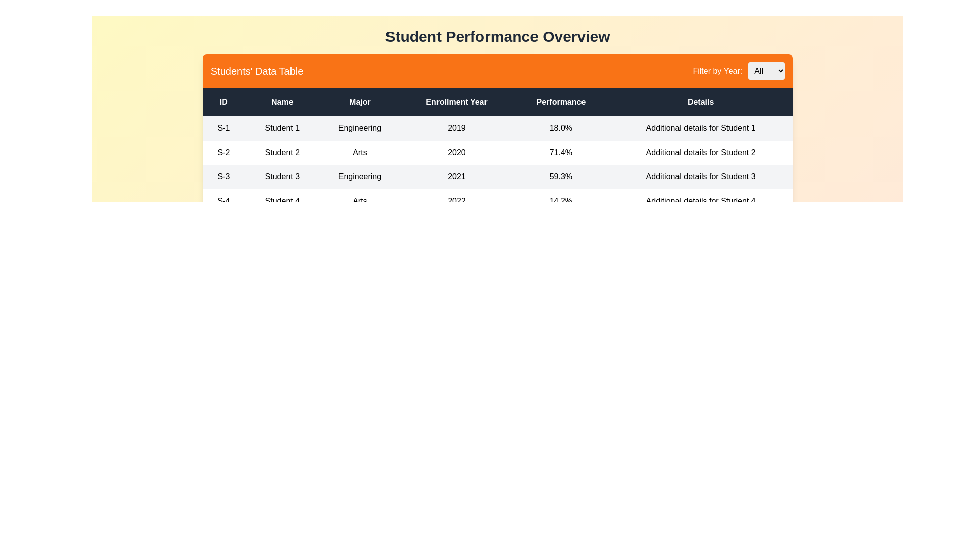  What do you see at coordinates (282, 102) in the screenshot?
I see `the column header Name to sort the table by that column` at bounding box center [282, 102].